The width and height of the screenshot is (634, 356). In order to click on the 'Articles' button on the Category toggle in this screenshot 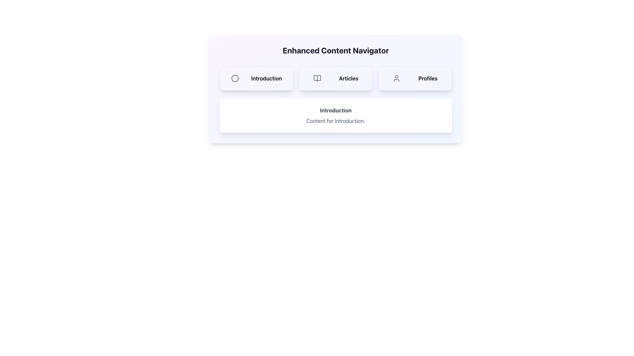, I will do `click(336, 78)`.